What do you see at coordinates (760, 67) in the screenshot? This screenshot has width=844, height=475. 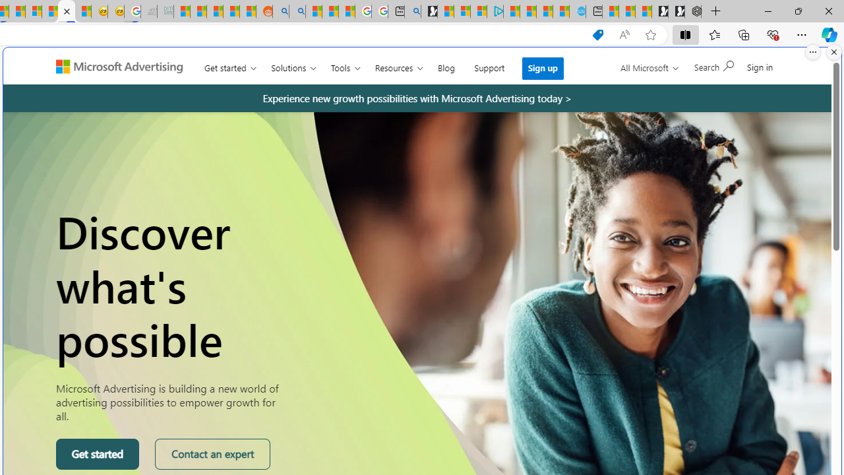 I see `'Sign in'` at bounding box center [760, 67].